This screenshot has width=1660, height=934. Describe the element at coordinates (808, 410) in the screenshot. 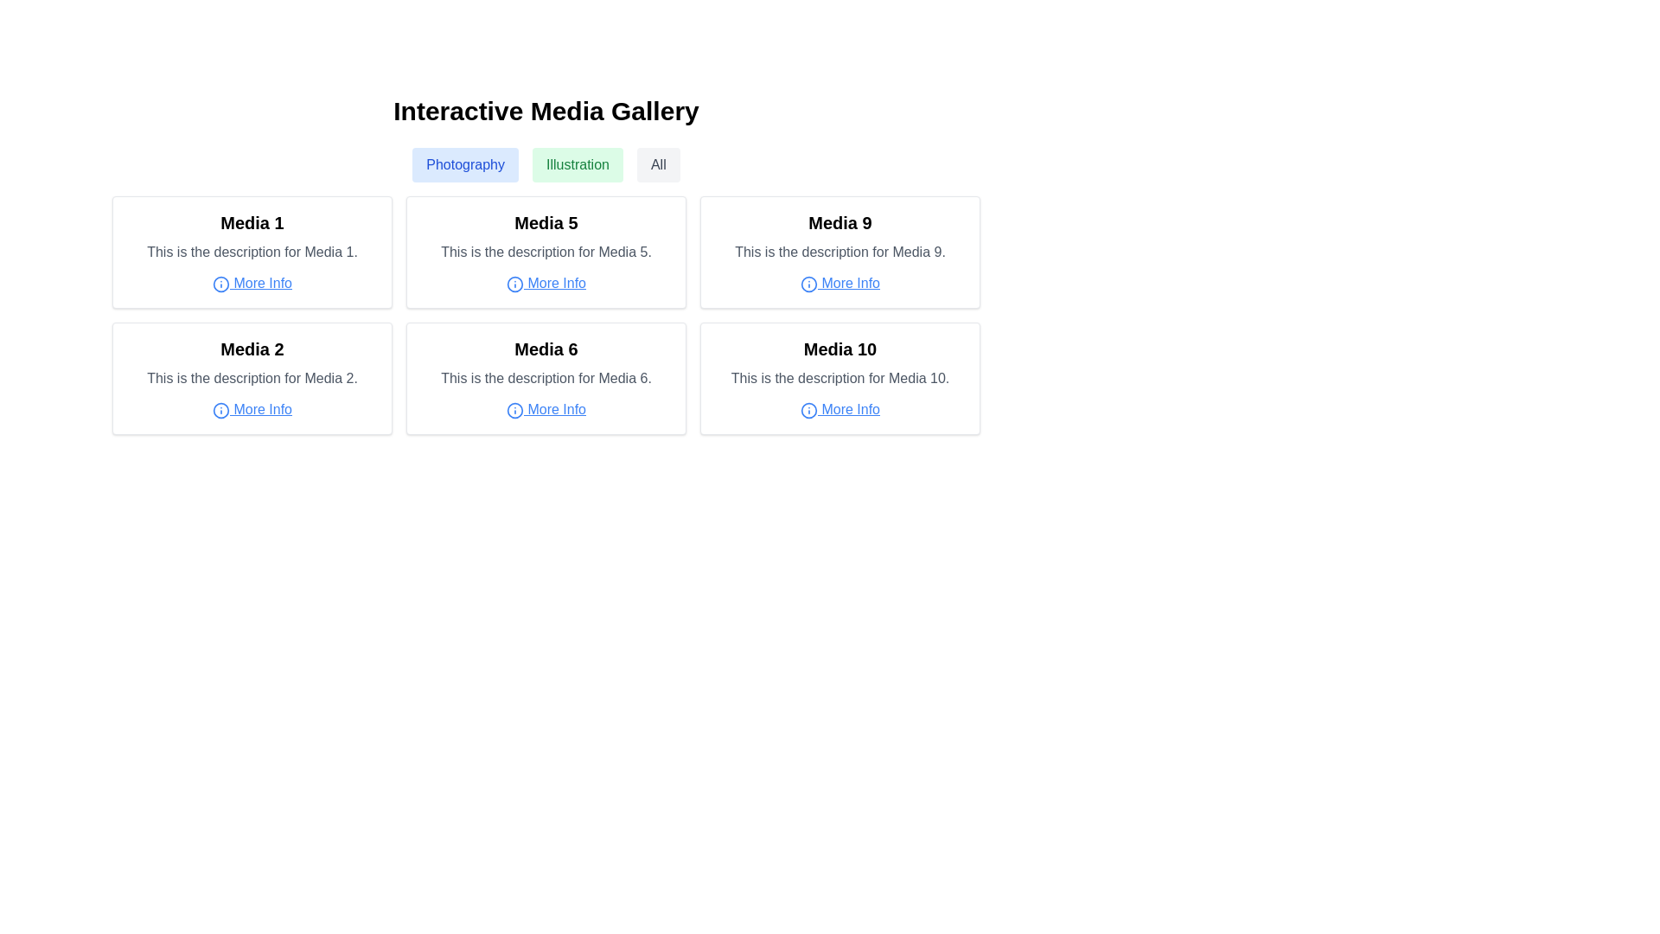

I see `the appearance of the circular informational icon located to the left of the 'More Info' text in the 'Media 10' card at the bottom-right corner of the media grid` at that location.